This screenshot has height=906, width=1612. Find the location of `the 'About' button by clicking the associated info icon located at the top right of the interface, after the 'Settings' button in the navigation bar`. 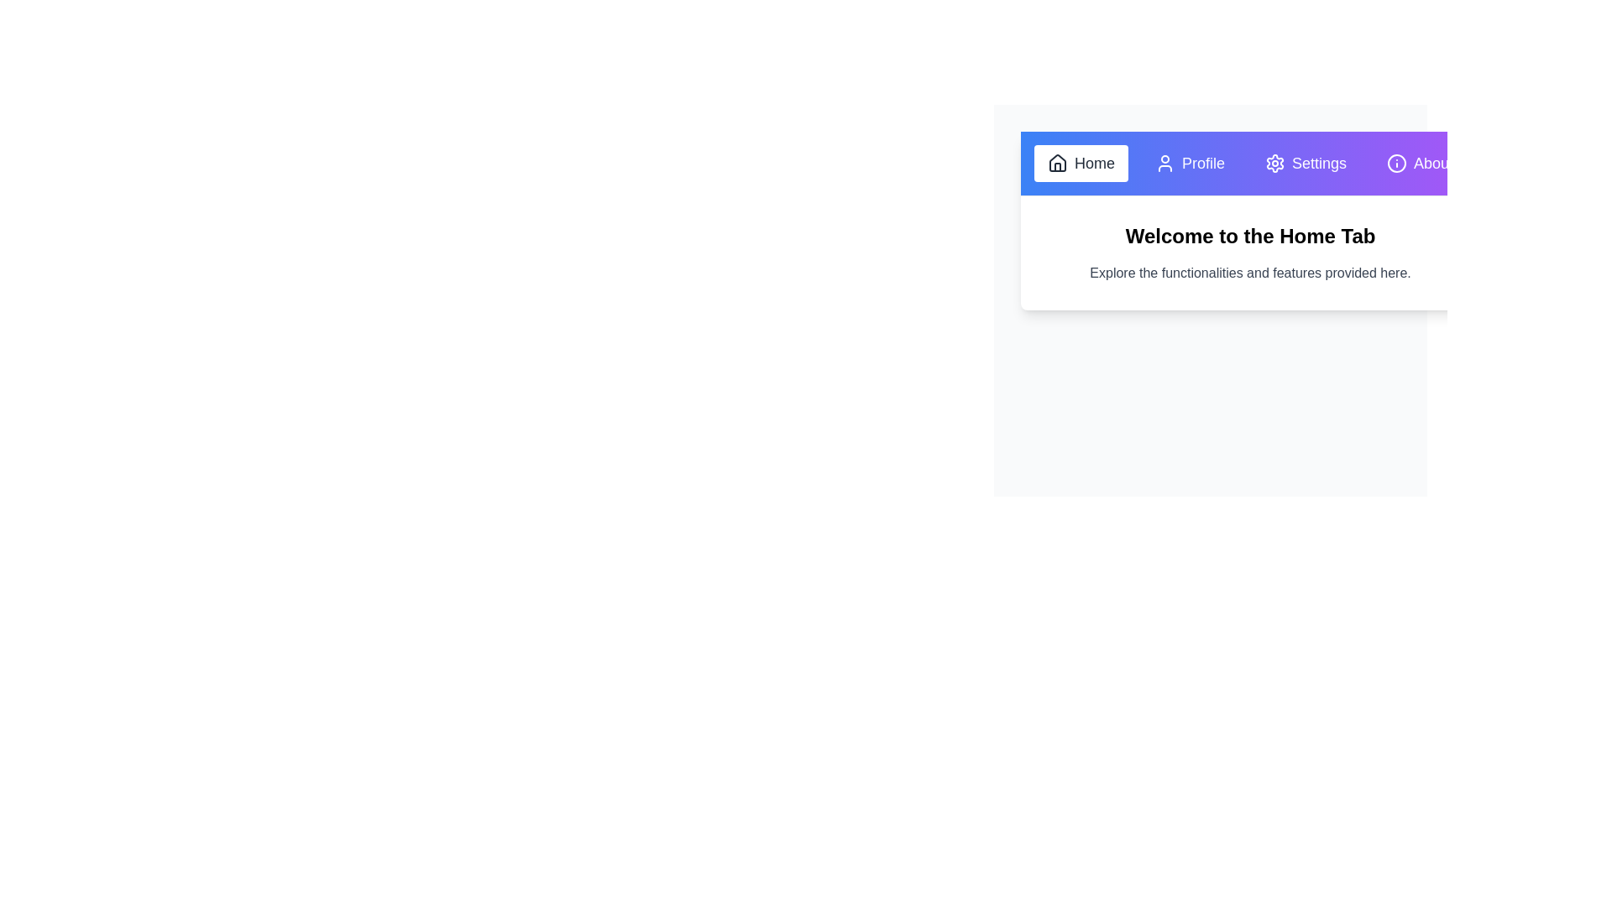

the 'About' button by clicking the associated info icon located at the top right of the interface, after the 'Settings' button in the navigation bar is located at coordinates (1397, 164).